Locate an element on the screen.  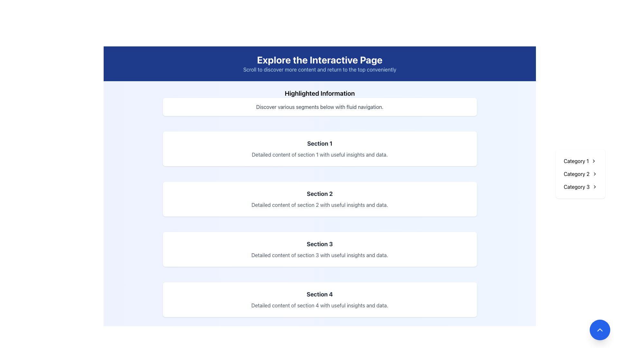
heading or title text that serves as an identifying label for the content below, positioned centrally in the second section of a vertically stacked layout is located at coordinates (320, 193).